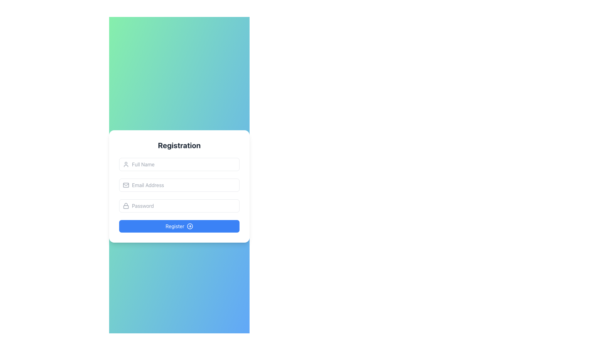 The width and height of the screenshot is (602, 339). What do you see at coordinates (189, 226) in the screenshot?
I see `the rightward arrow icon inside a circle, located to the right of the 'Register' text within the blue button` at bounding box center [189, 226].